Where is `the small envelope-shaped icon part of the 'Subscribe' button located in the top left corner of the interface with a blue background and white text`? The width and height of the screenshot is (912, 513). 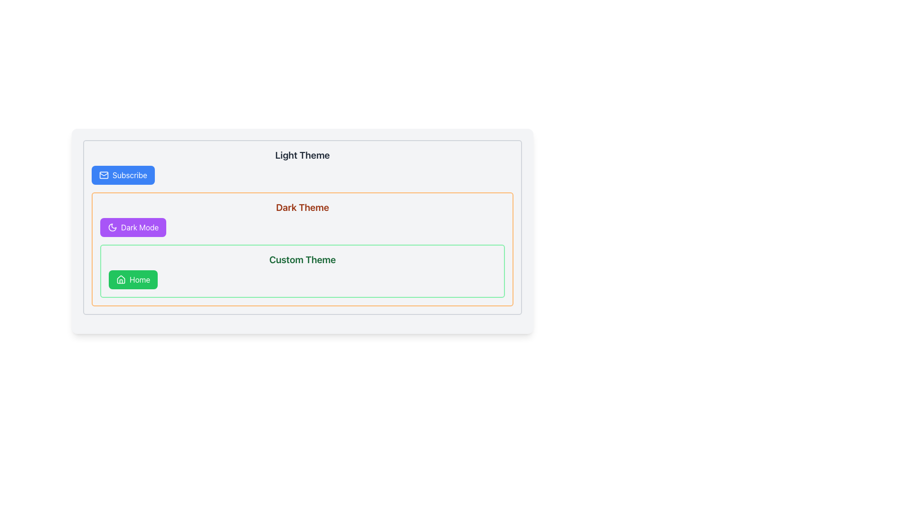 the small envelope-shaped icon part of the 'Subscribe' button located in the top left corner of the interface with a blue background and white text is located at coordinates (104, 175).